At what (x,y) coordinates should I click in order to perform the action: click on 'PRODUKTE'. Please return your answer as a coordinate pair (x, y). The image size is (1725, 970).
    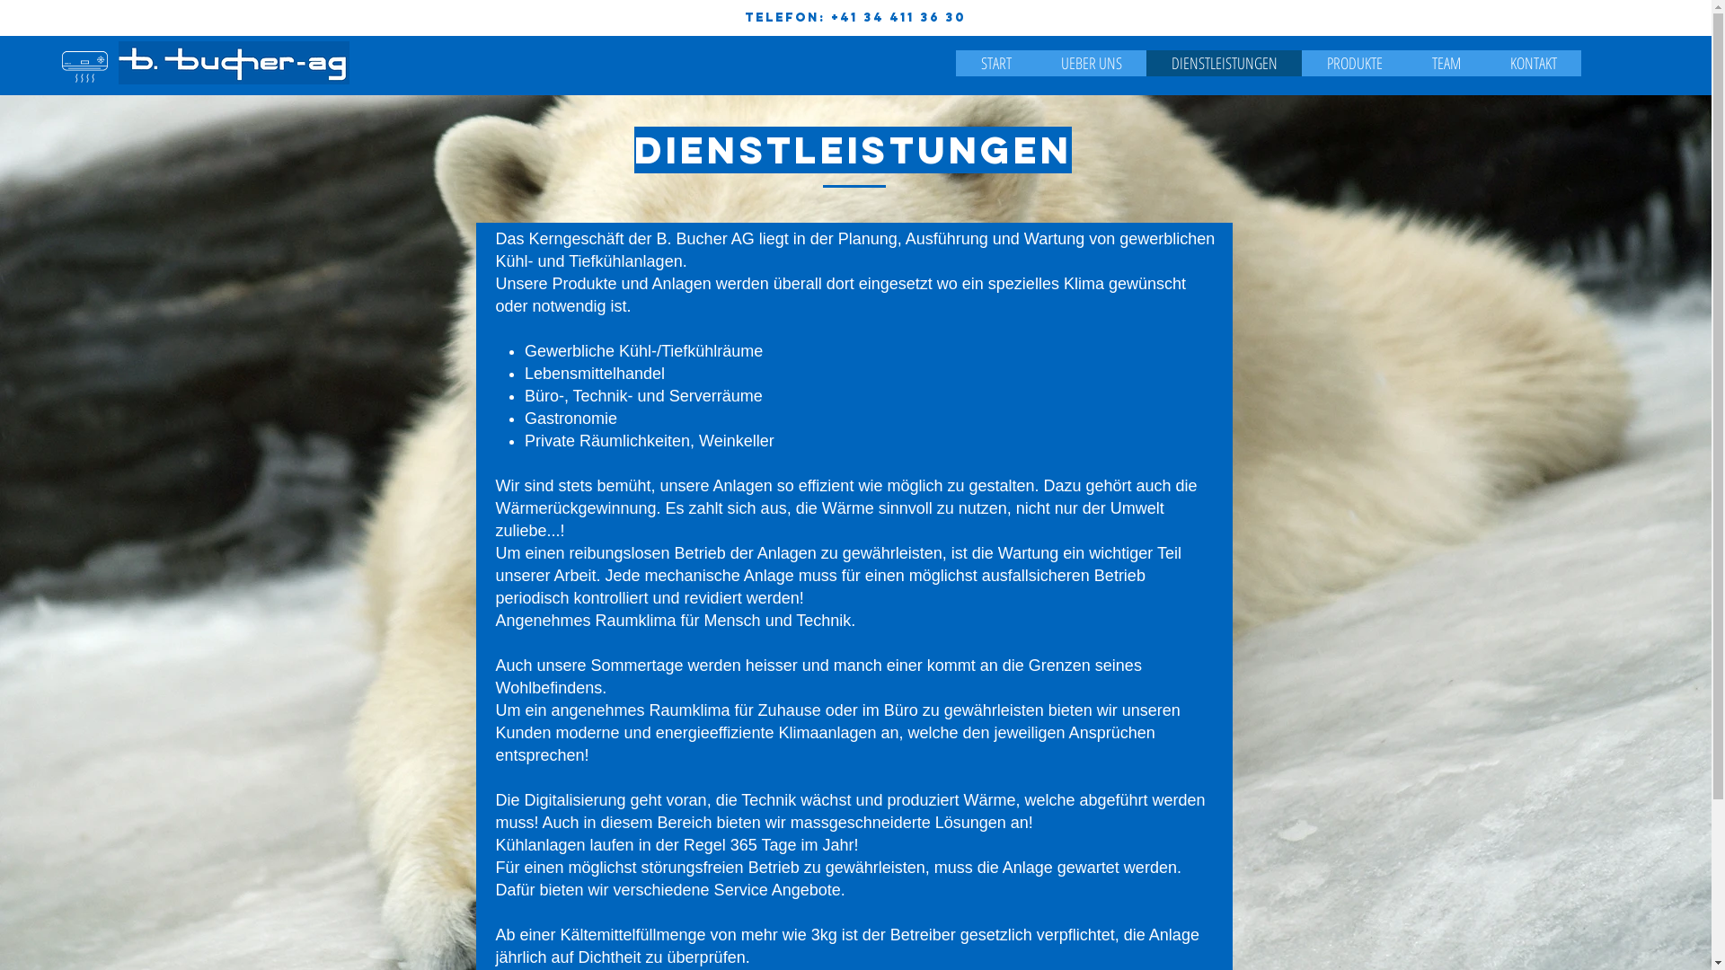
    Looking at the image, I should click on (1354, 62).